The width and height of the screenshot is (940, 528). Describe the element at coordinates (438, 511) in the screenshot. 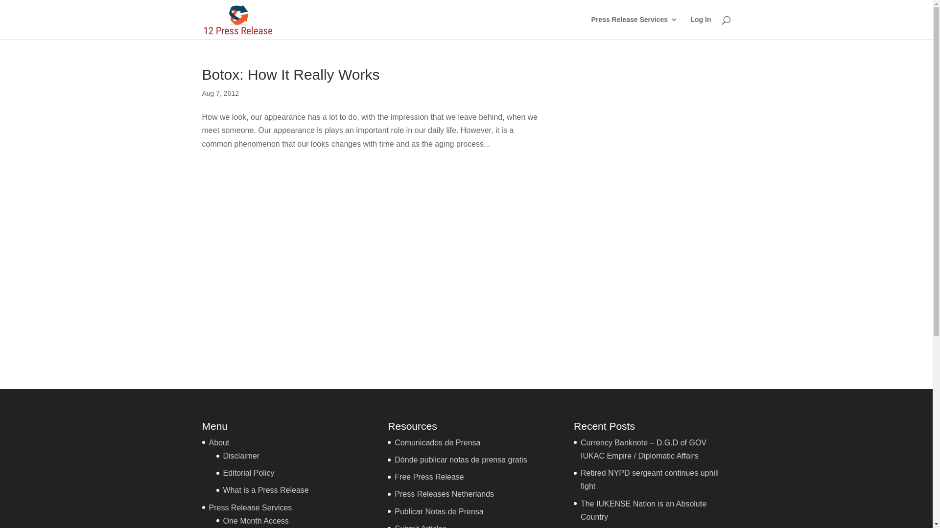

I see `'Publicar Notas de Prensa'` at that location.